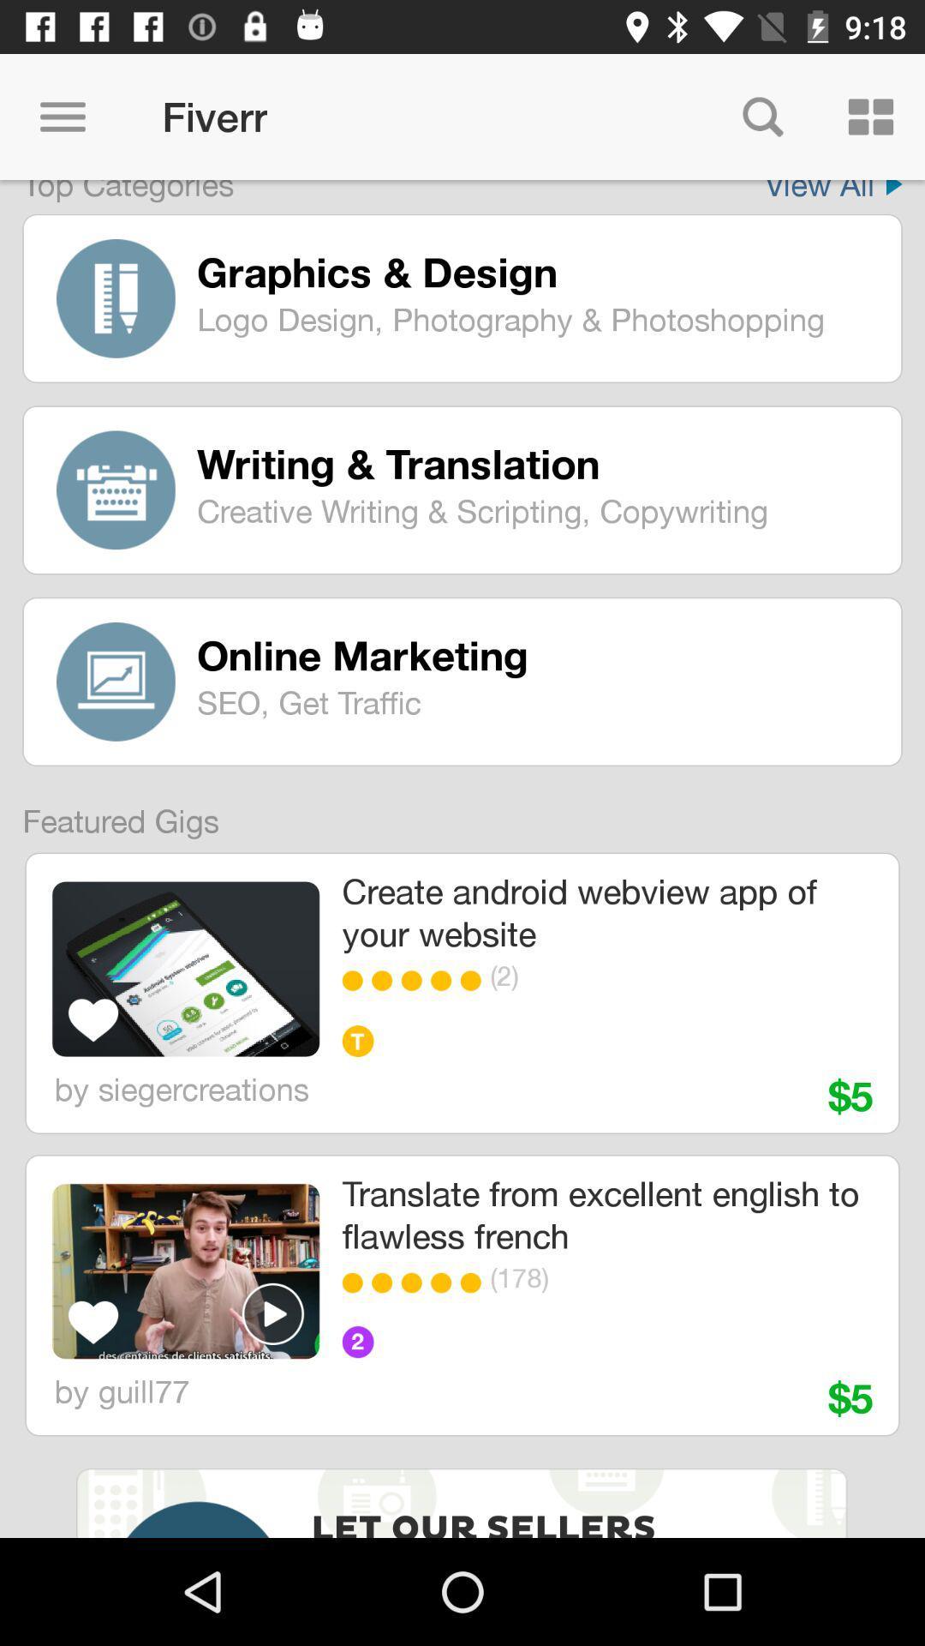 Image resolution: width=925 pixels, height=1646 pixels. What do you see at coordinates (606, 911) in the screenshot?
I see `the create android webview` at bounding box center [606, 911].